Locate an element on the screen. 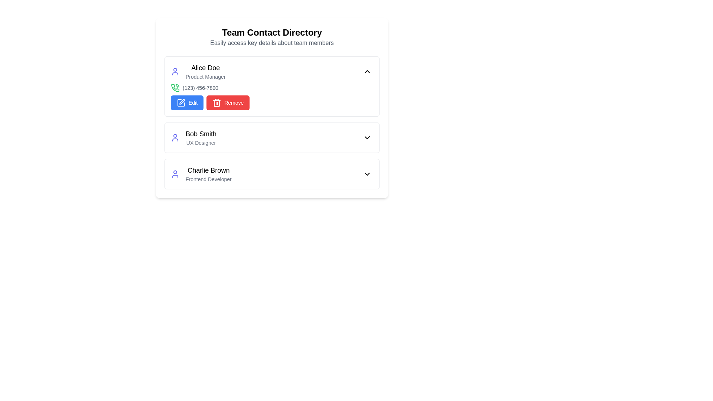  the text label displaying the phone number '(123) 456-7890', which is located next to a green phone icon in the contact information block for 'Alice Doe' is located at coordinates (200, 87).